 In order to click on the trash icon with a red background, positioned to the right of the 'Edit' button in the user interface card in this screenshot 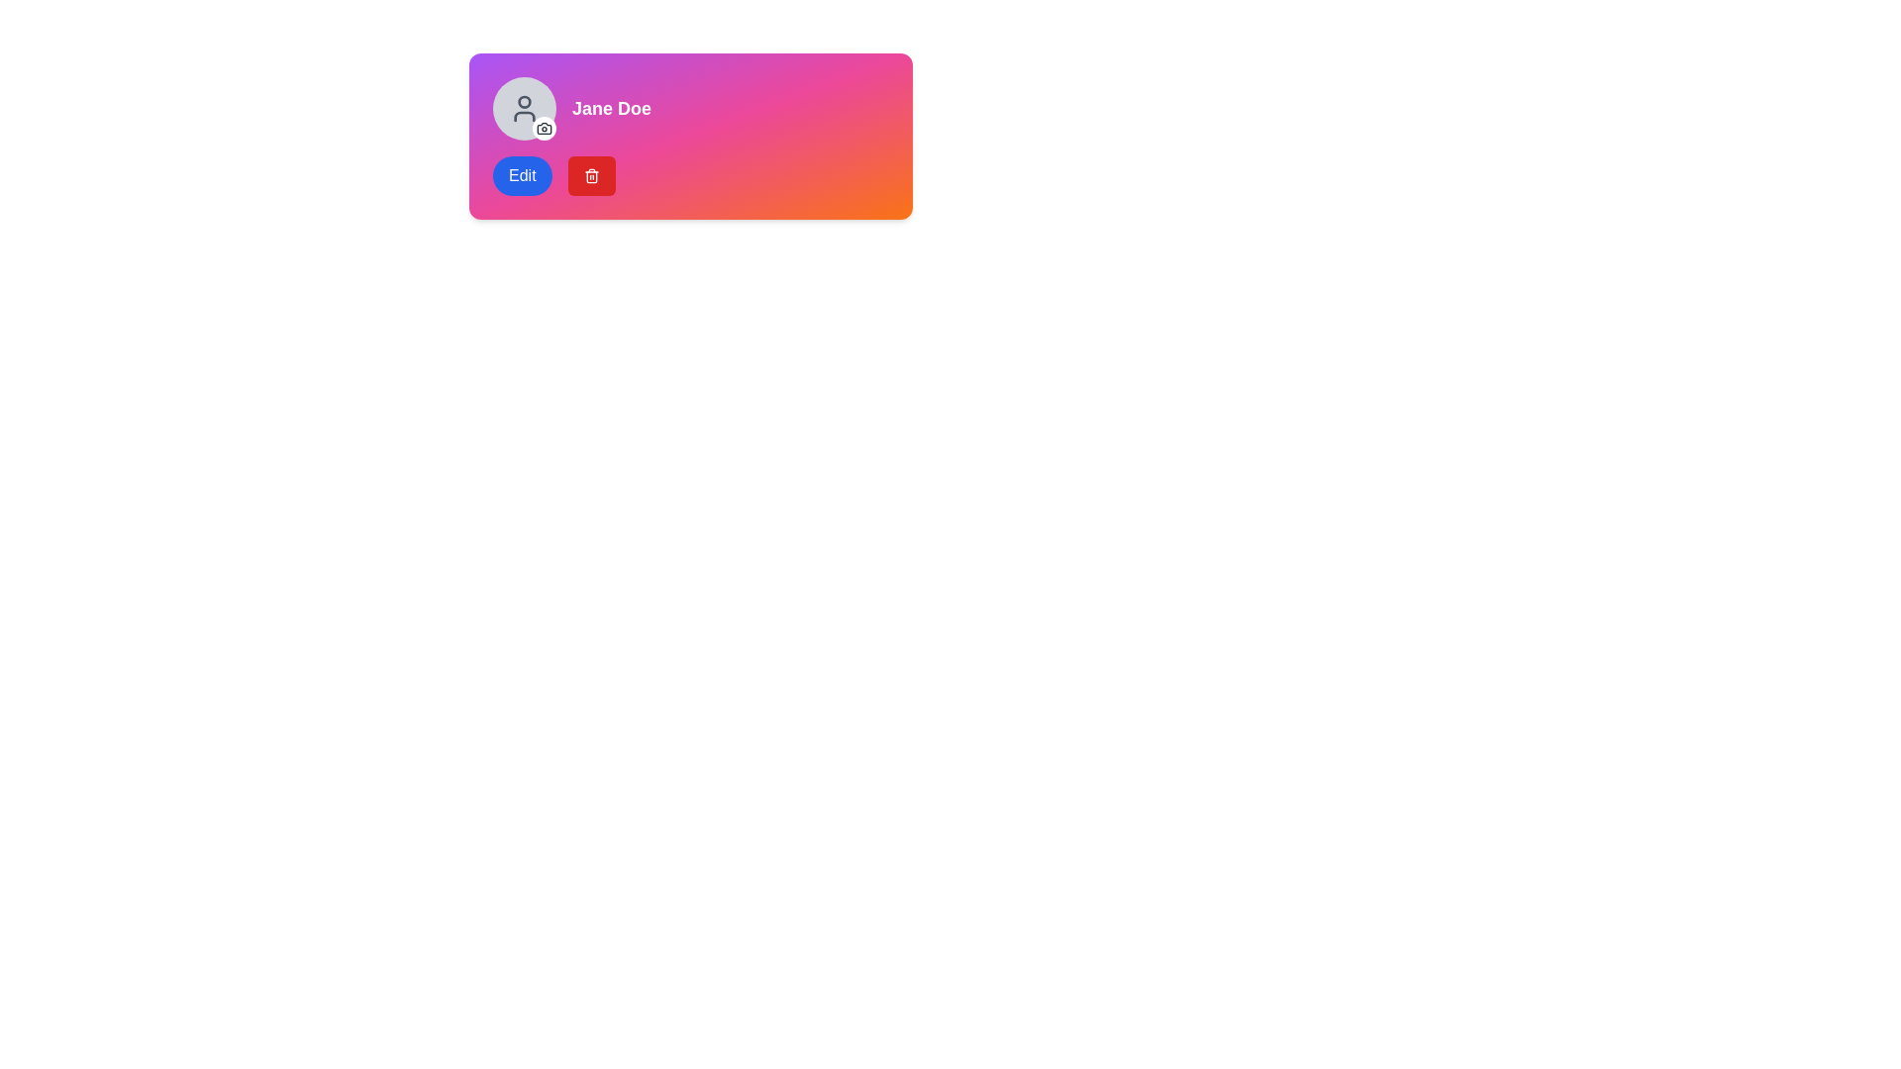, I will do `click(590, 174)`.